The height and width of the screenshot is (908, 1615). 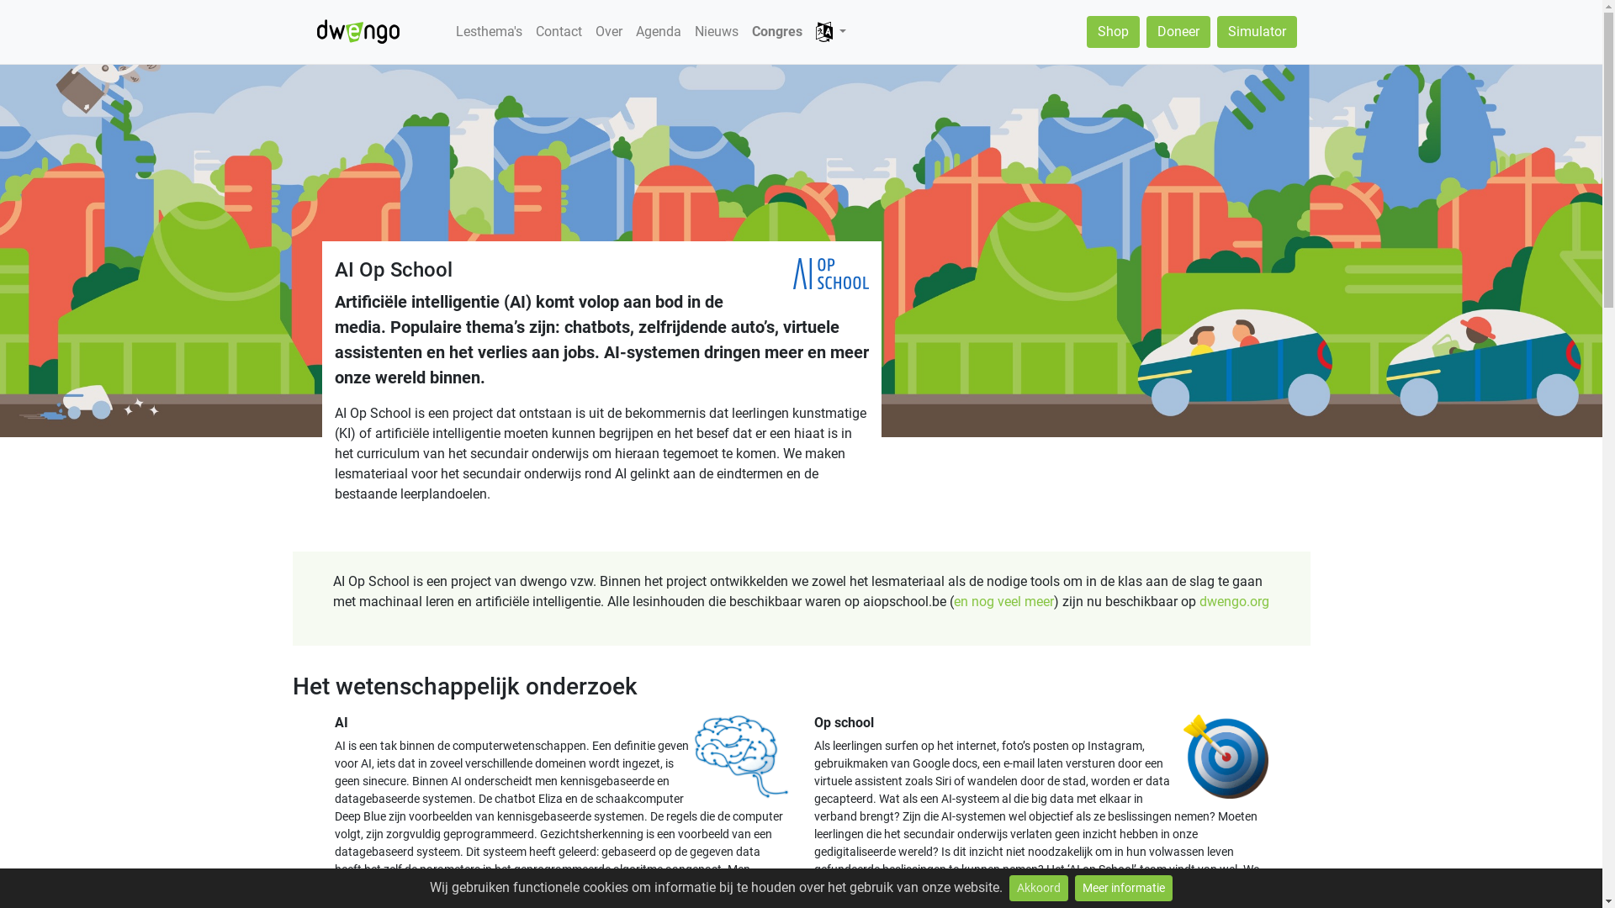 I want to click on 'Doneer', so click(x=1177, y=32).